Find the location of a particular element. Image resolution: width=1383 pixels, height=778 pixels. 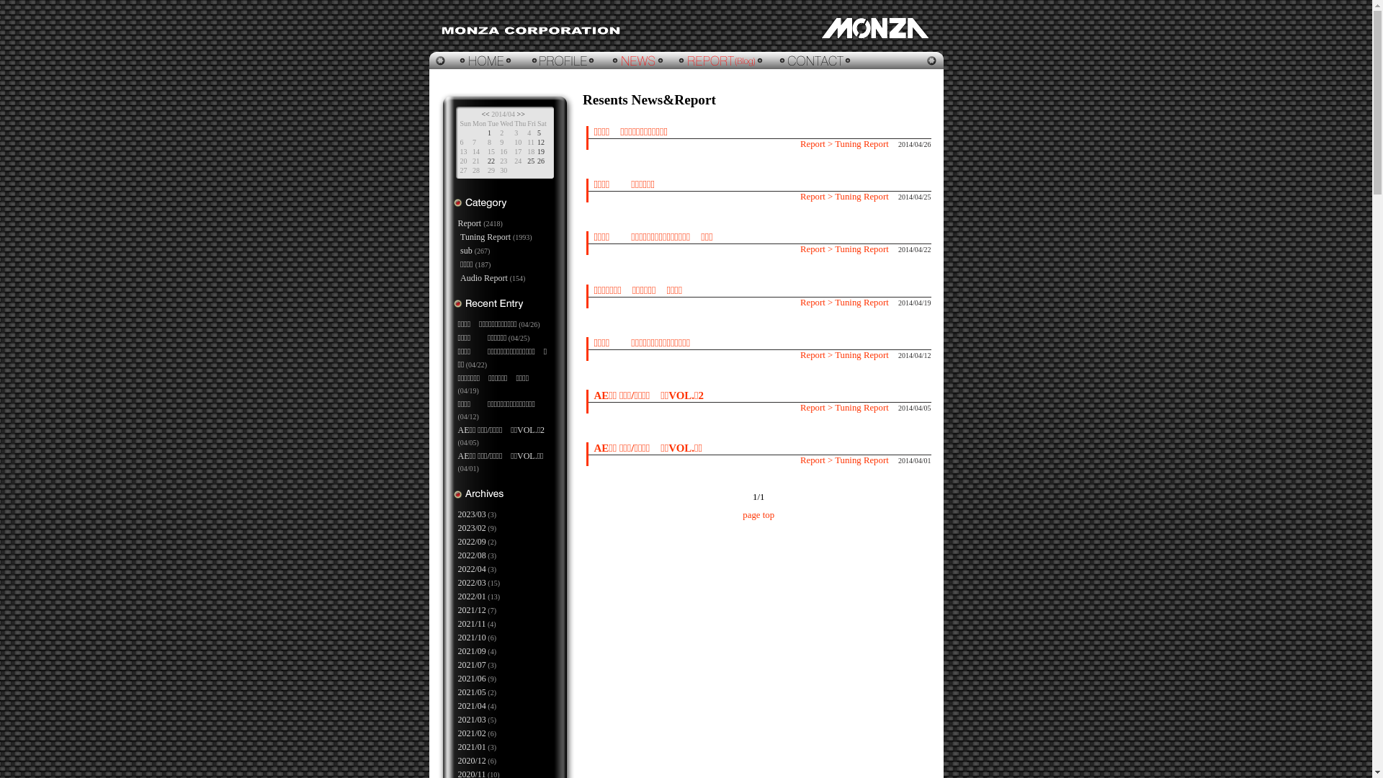

'sub' is located at coordinates (459, 249).